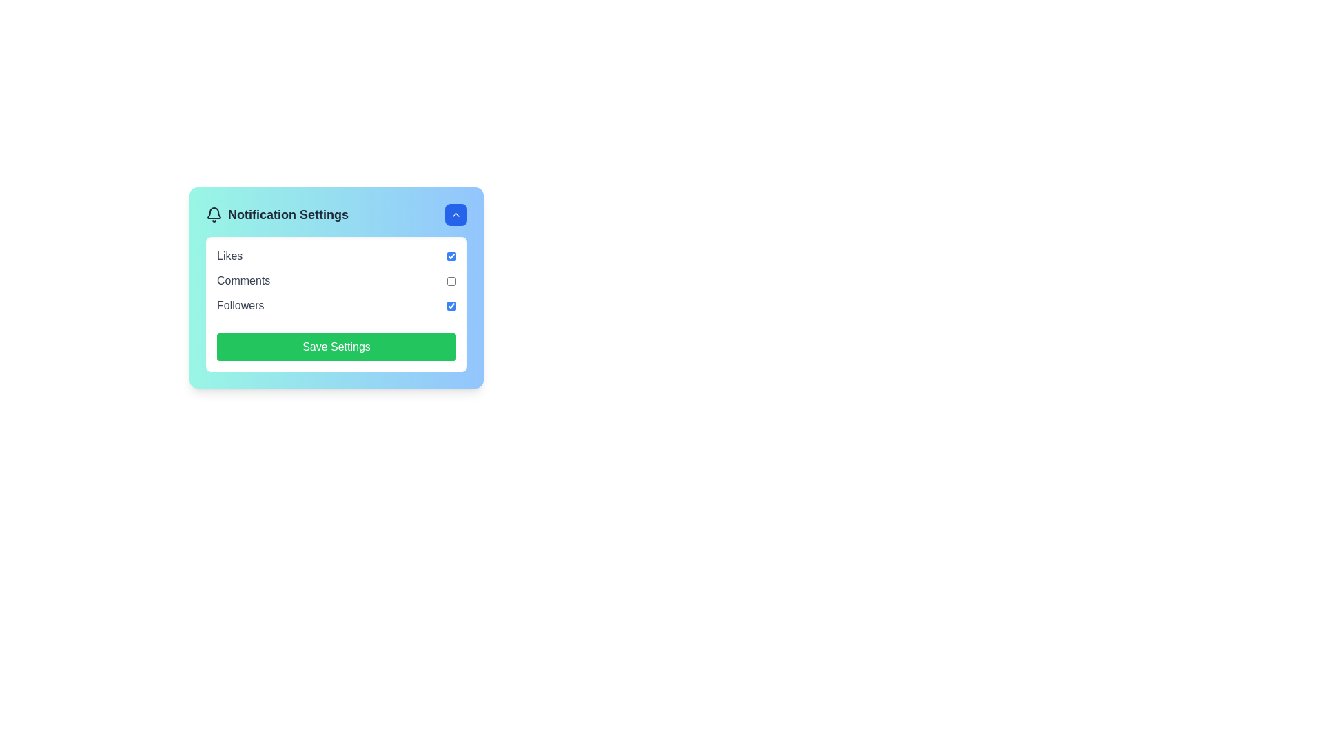 This screenshot has width=1323, height=744. What do you see at coordinates (276, 215) in the screenshot?
I see `the 'Notification Settings' text label with a notification bell icon located in the upper section of the modal` at bounding box center [276, 215].